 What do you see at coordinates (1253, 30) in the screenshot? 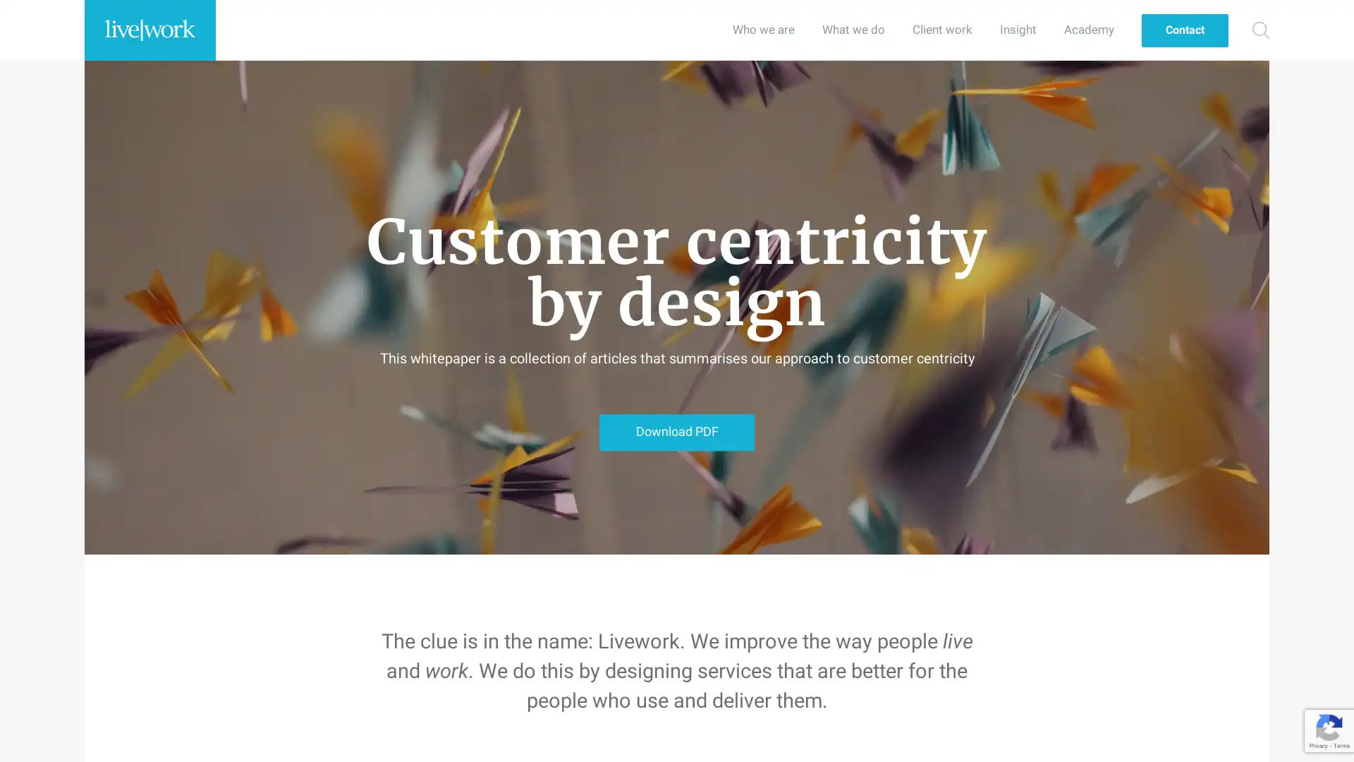
I see `Search Livework...` at bounding box center [1253, 30].